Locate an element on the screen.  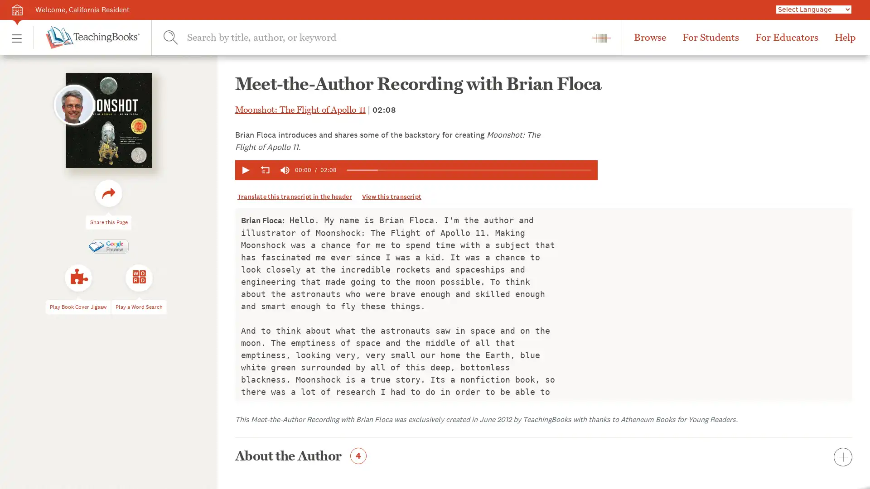
About the Author 4 is located at coordinates (544, 457).